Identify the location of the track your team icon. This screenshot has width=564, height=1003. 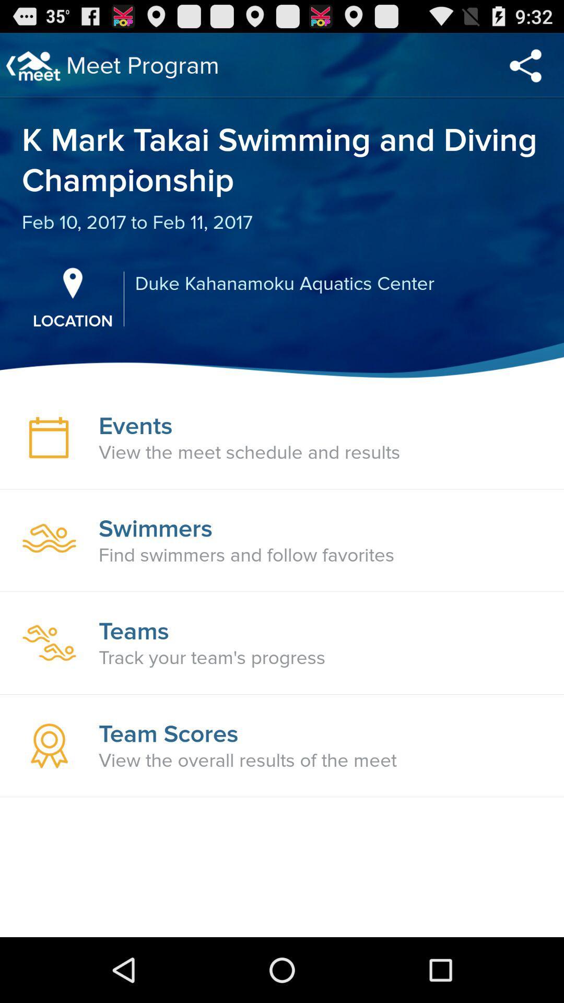
(211, 657).